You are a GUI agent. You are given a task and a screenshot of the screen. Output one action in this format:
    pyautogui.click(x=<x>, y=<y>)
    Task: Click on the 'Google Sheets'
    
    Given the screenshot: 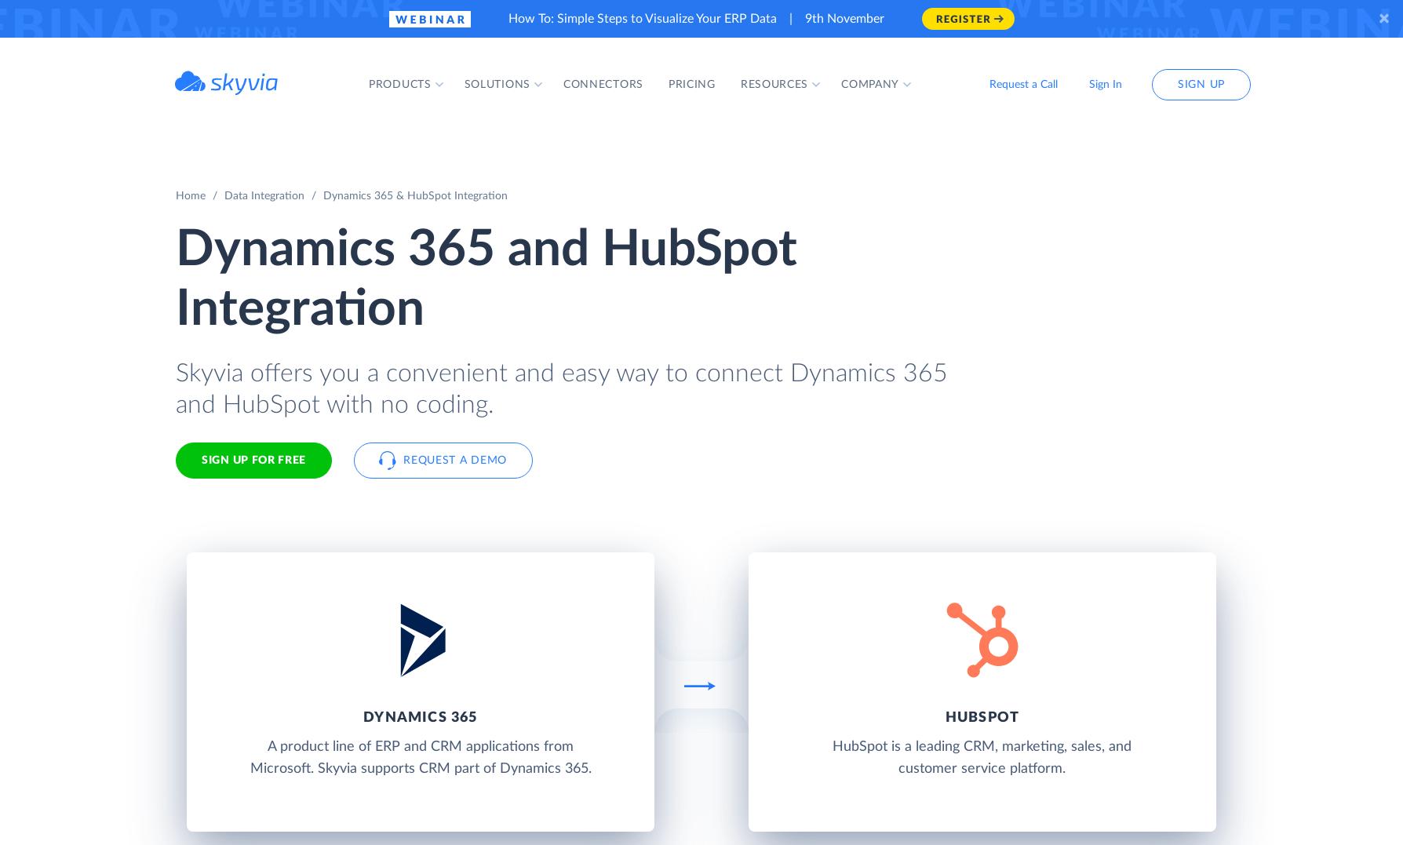 What is the action you would take?
    pyautogui.click(x=1058, y=288)
    